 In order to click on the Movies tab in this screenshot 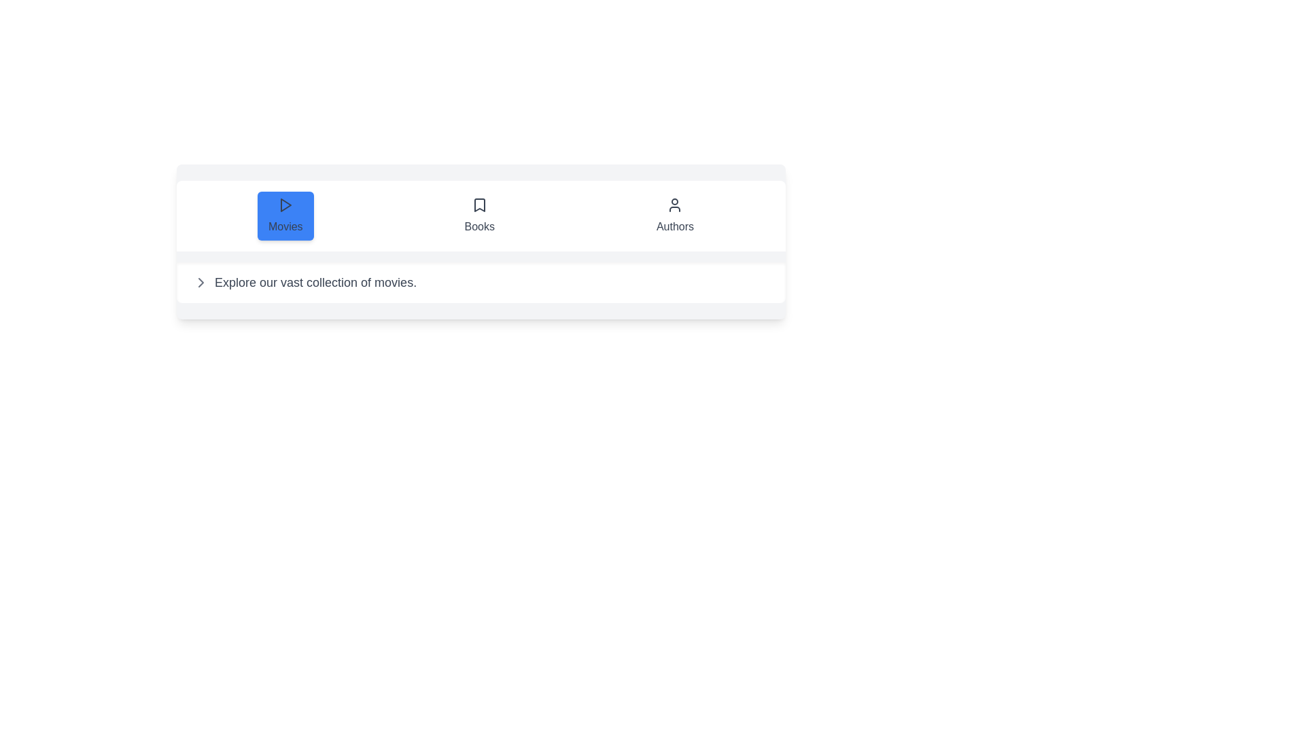, I will do `click(285, 215)`.